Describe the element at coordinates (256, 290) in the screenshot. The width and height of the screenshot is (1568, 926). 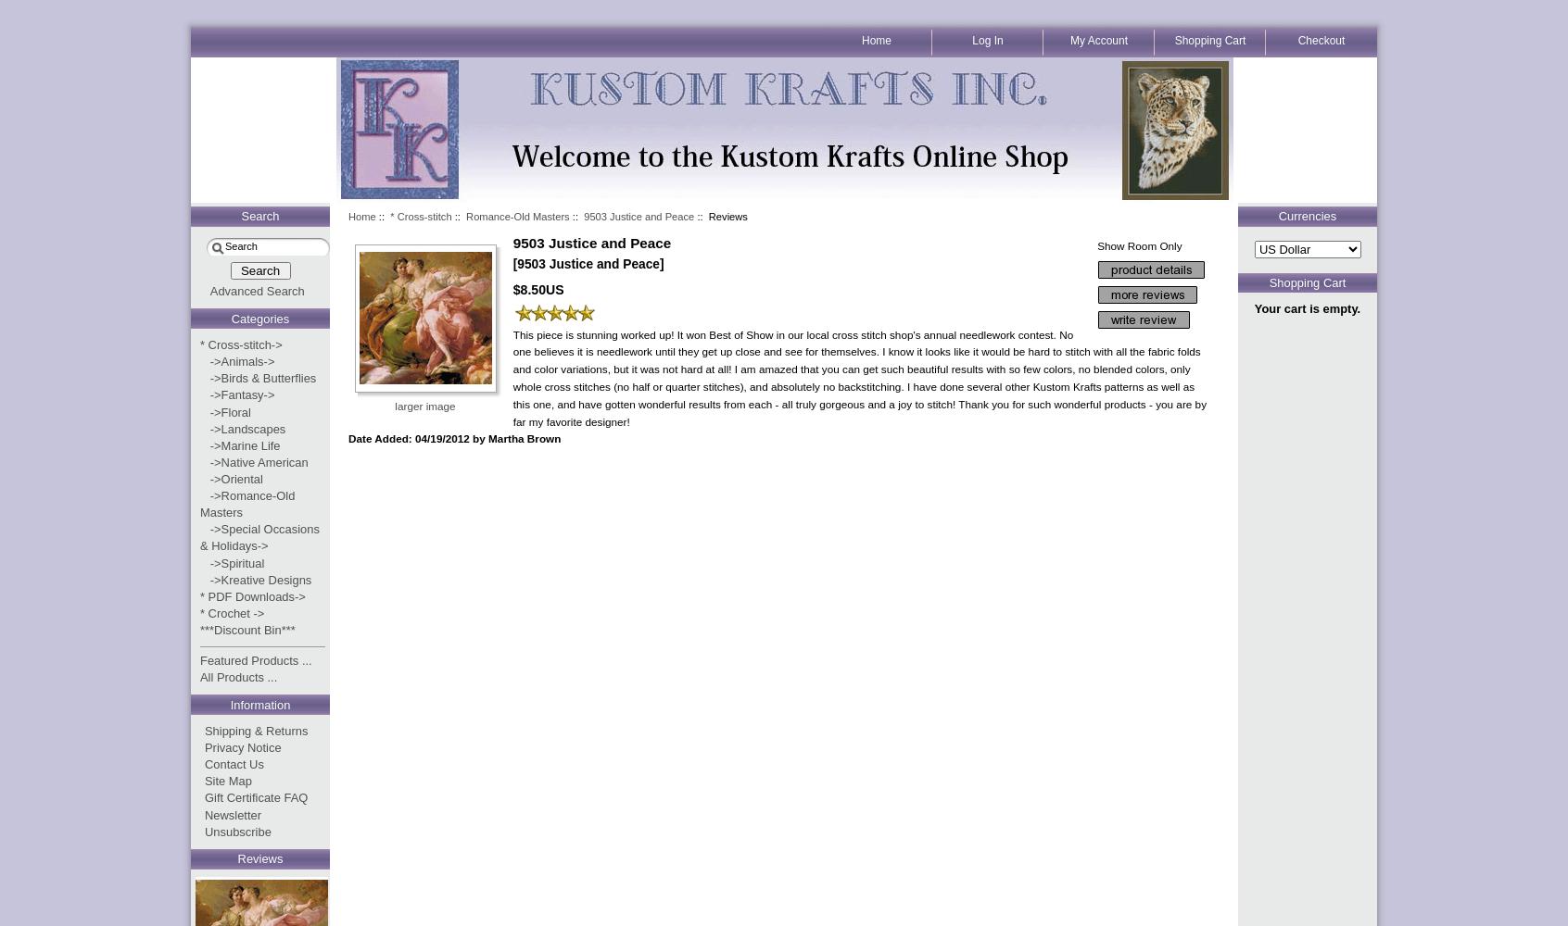
I see `'Advanced Search'` at that location.